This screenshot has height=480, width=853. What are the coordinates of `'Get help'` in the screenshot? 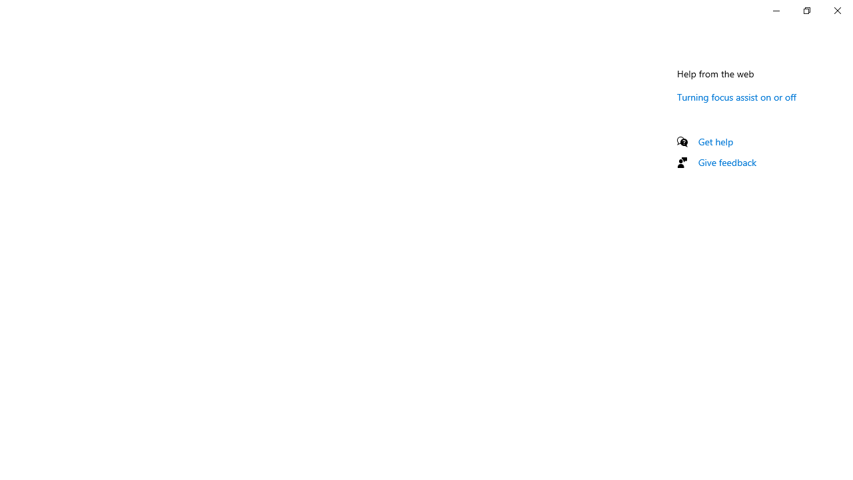 It's located at (715, 141).